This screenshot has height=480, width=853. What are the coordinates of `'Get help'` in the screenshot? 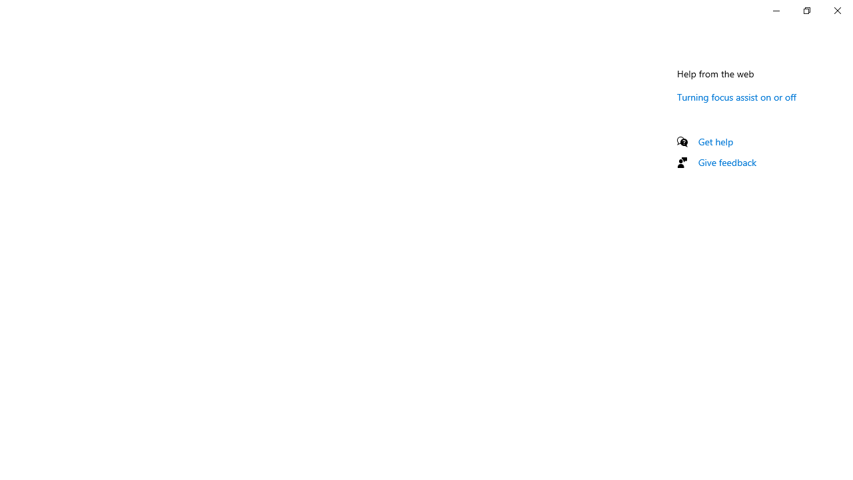 It's located at (715, 141).